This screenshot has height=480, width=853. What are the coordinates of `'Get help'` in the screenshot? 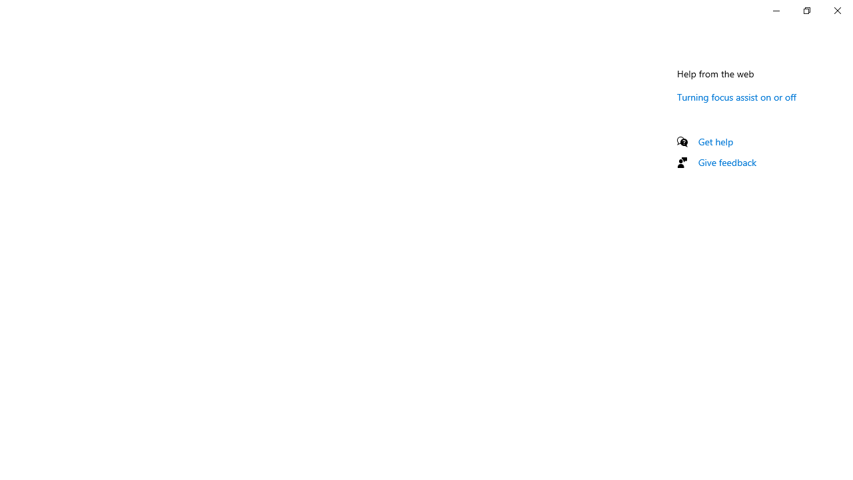 It's located at (715, 141).